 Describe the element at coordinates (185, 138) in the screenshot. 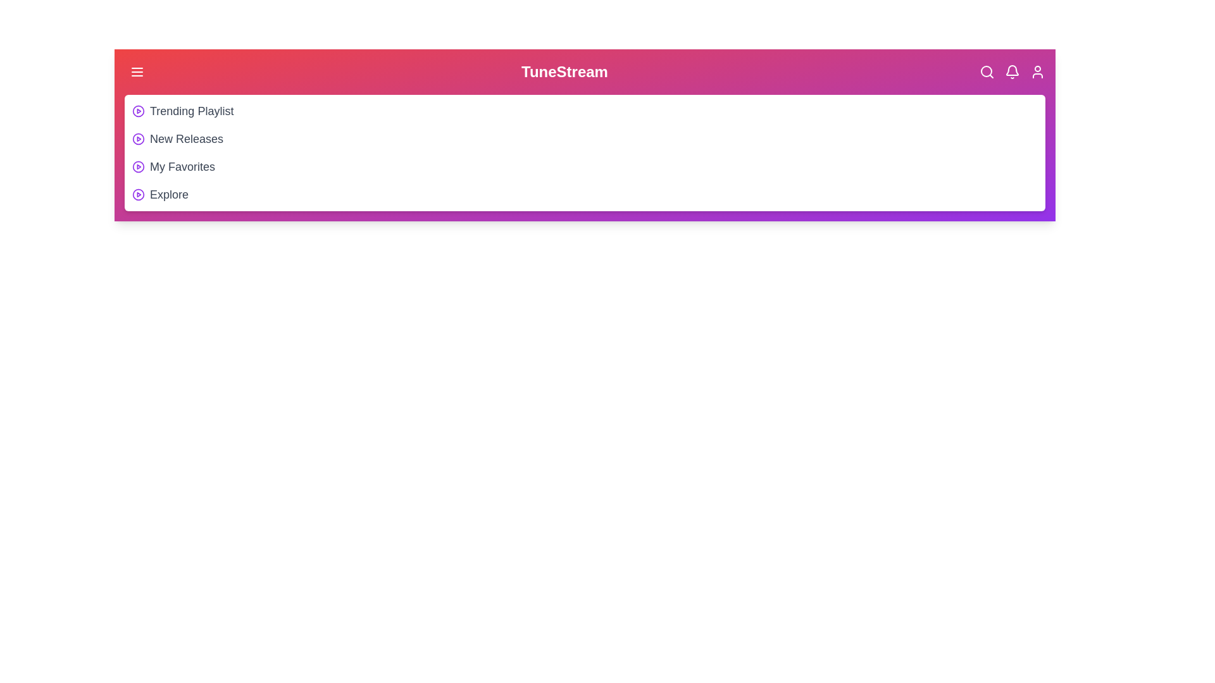

I see `the playlist item New Releases` at that location.